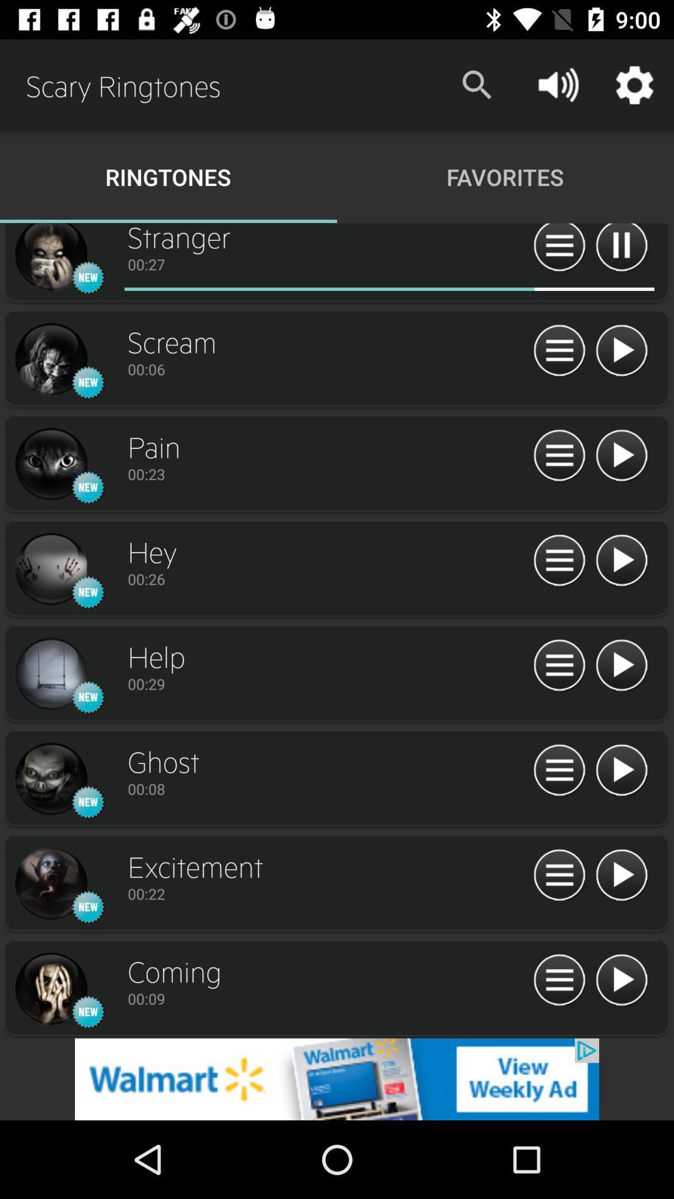  Describe the element at coordinates (50, 258) in the screenshot. I see `previous` at that location.